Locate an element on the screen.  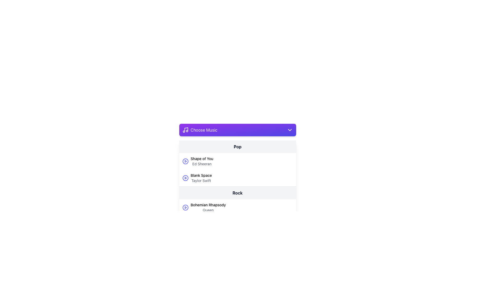
the text display that shows 'Shape of You' prominently at the top of the song list is located at coordinates (201, 158).